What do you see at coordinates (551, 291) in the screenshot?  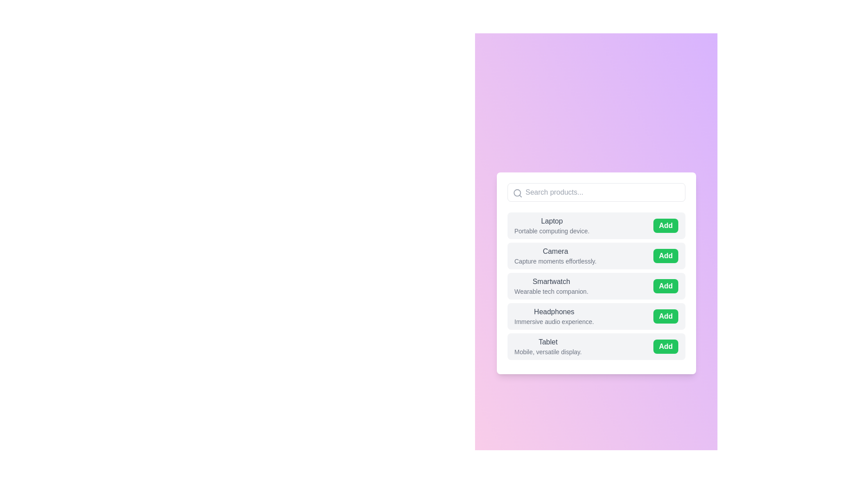 I see `the text label element containing the phrase 'Wearable tech companion.' which is styled with smaller gray text and located directly below the 'Smartwatch' title` at bounding box center [551, 291].